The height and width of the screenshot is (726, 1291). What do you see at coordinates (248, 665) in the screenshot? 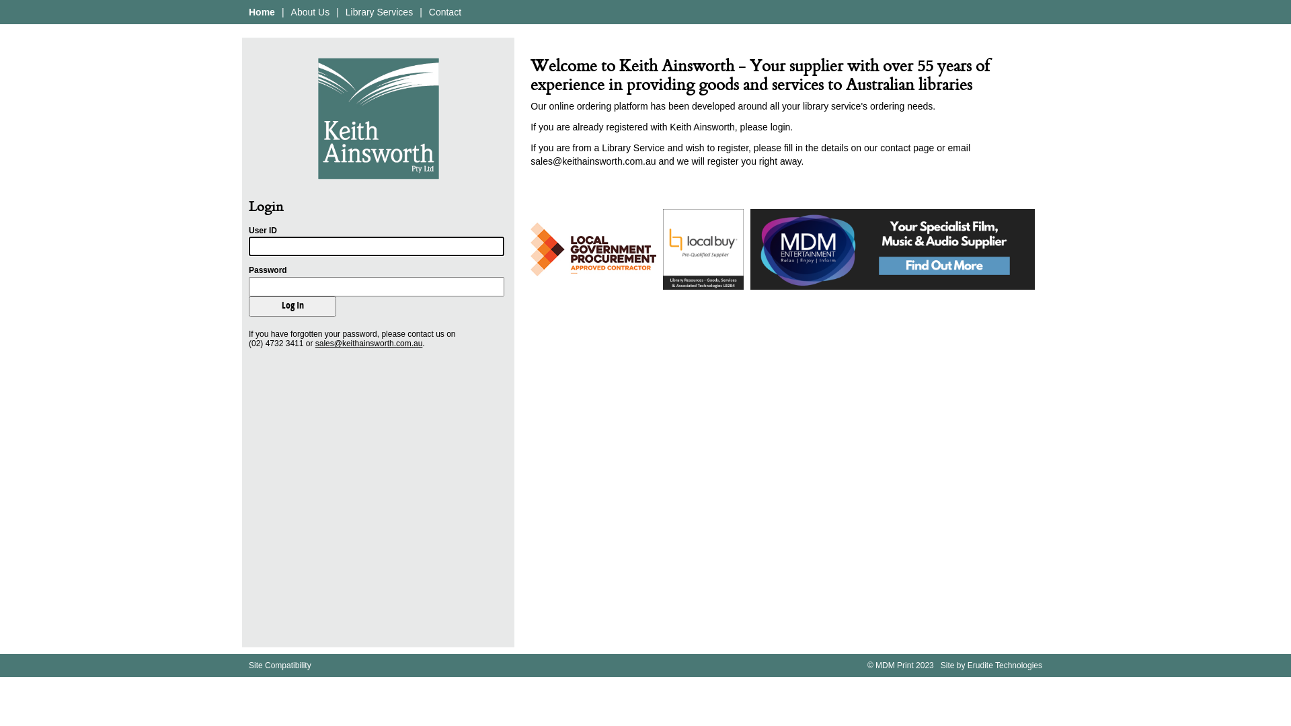
I see `'Site Compatibility'` at bounding box center [248, 665].